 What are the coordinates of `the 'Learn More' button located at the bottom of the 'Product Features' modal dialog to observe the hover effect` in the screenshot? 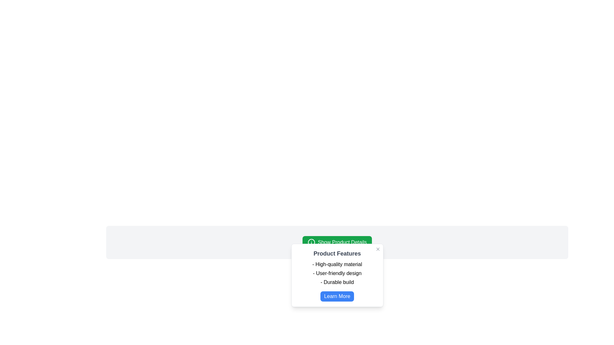 It's located at (337, 296).